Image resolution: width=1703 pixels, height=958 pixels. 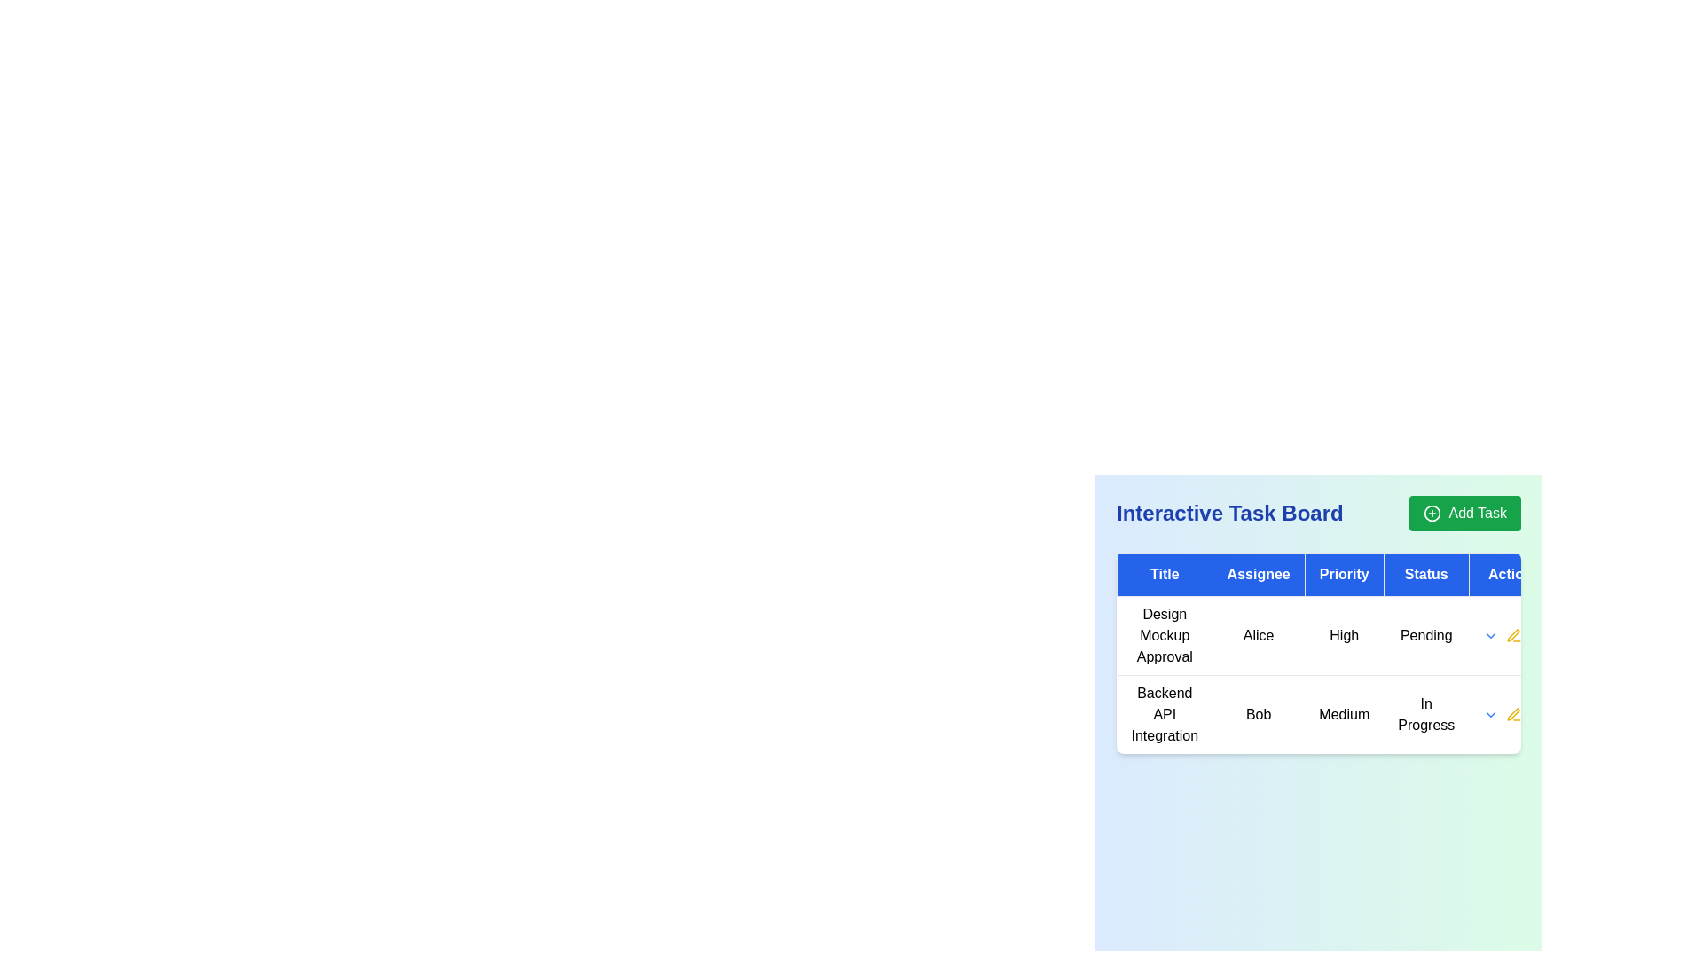 What do you see at coordinates (1165, 713) in the screenshot?
I see `the text label reading 'Backend API Integration' located in the second row of the table under the 'Title' column` at bounding box center [1165, 713].